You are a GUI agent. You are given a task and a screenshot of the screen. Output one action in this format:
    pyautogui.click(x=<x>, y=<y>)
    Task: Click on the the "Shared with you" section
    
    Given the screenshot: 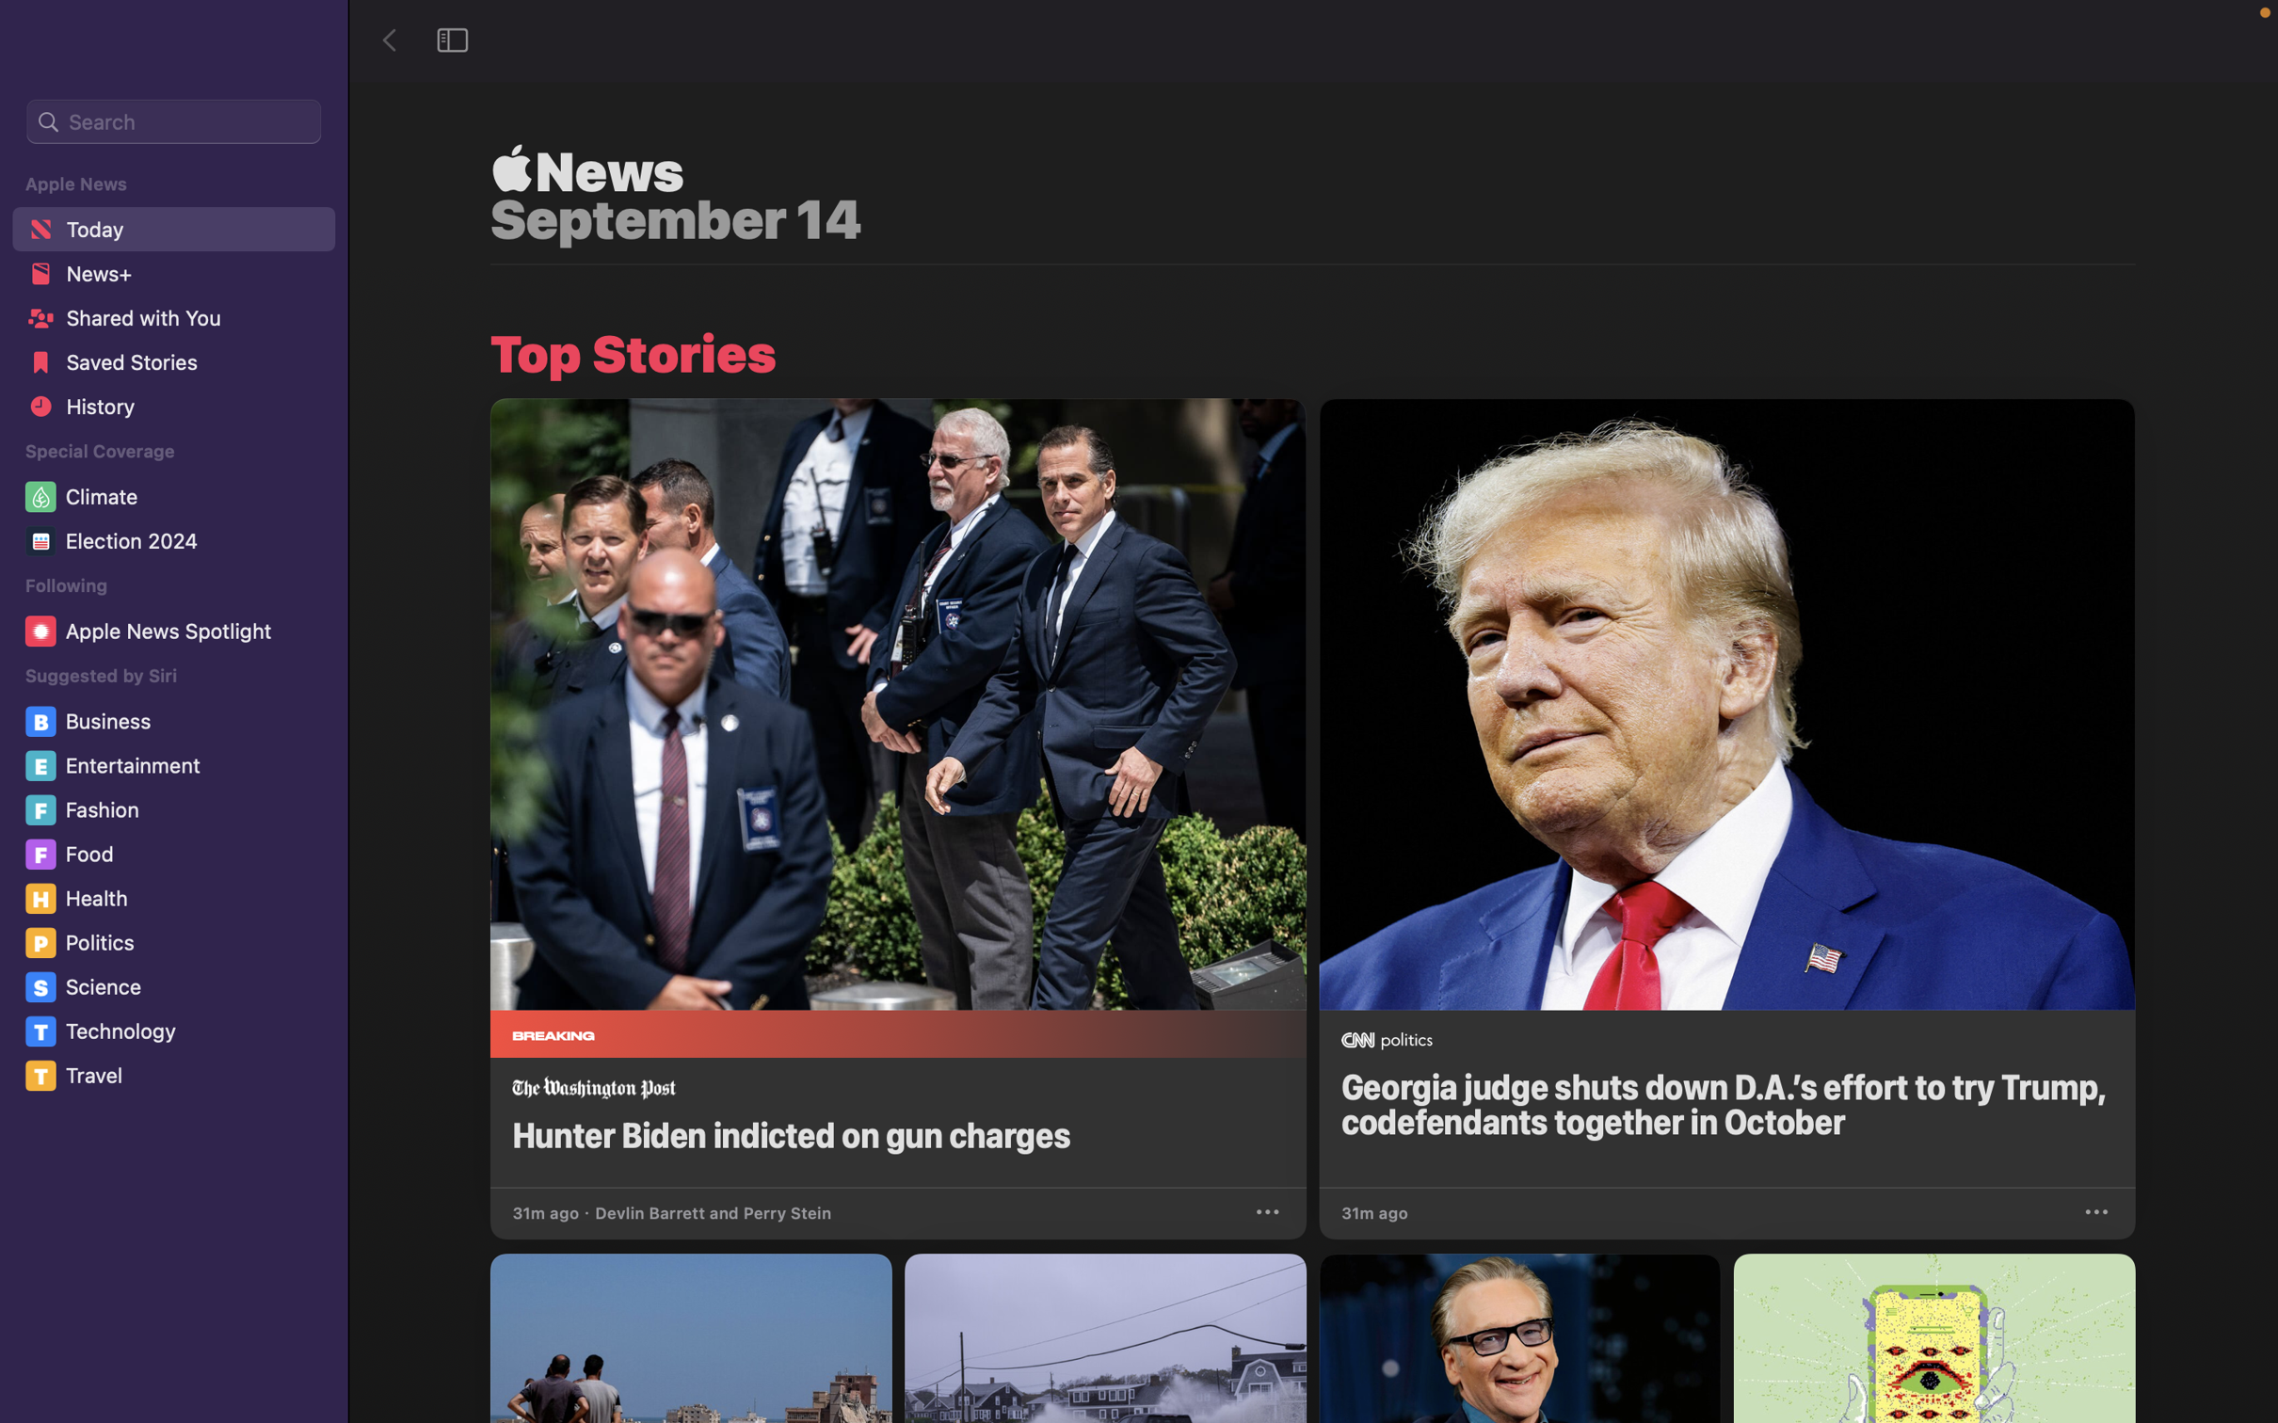 What is the action you would take?
    pyautogui.click(x=170, y=323)
    